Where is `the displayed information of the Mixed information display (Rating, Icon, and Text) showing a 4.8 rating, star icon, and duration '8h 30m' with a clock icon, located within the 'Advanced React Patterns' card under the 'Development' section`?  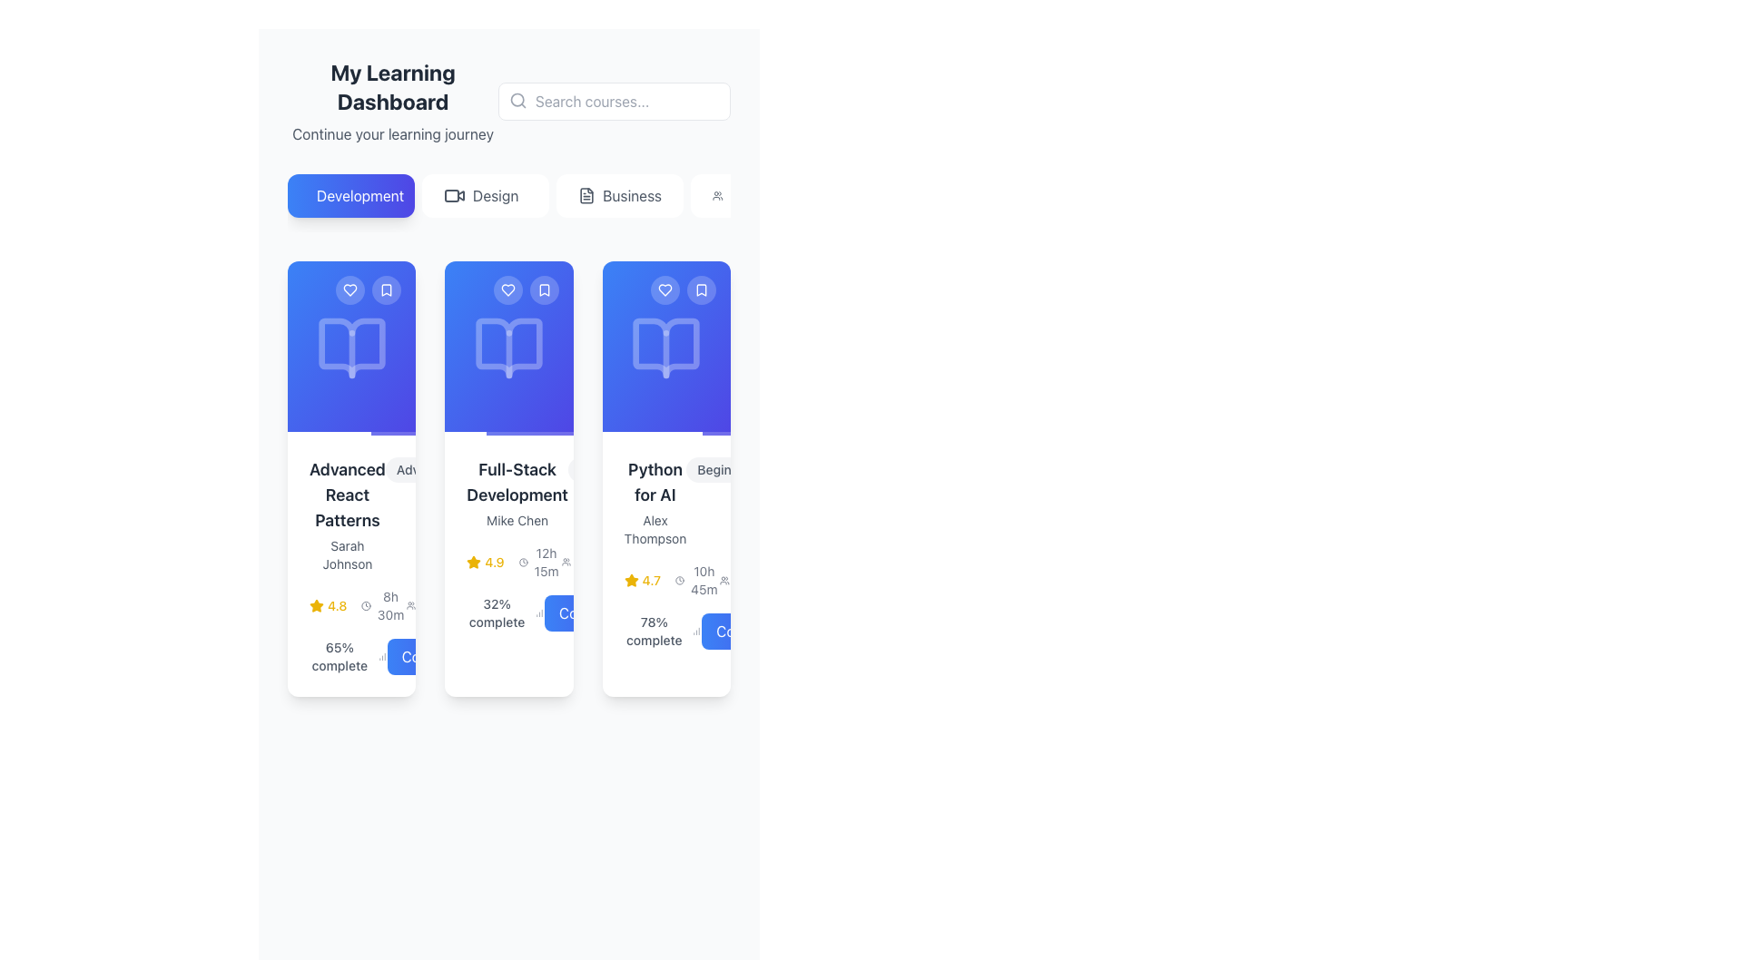
the displayed information of the Mixed information display (Rating, Icon, and Text) showing a 4.8 rating, star icon, and duration '8h 30m' with a clock icon, located within the 'Advanced React Patterns' card under the 'Development' section is located at coordinates (358, 605).